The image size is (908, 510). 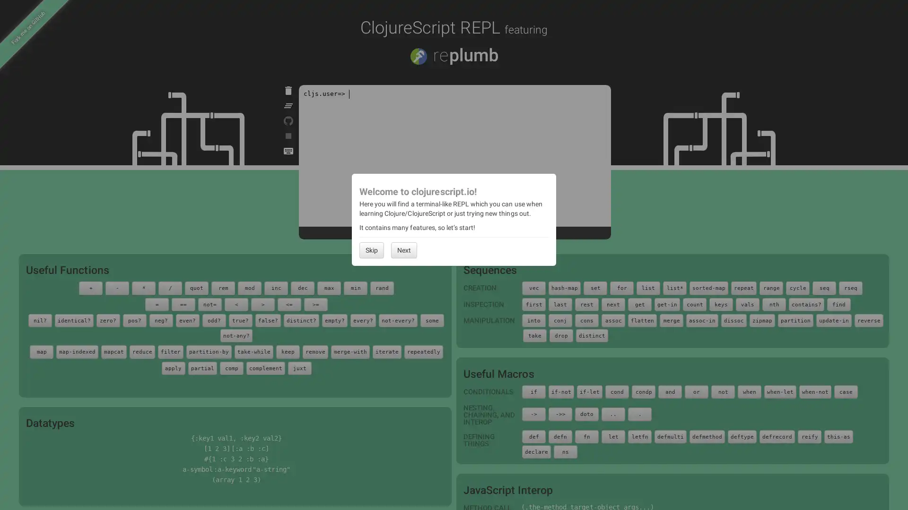 What do you see at coordinates (809, 436) in the screenshot?
I see `reify` at bounding box center [809, 436].